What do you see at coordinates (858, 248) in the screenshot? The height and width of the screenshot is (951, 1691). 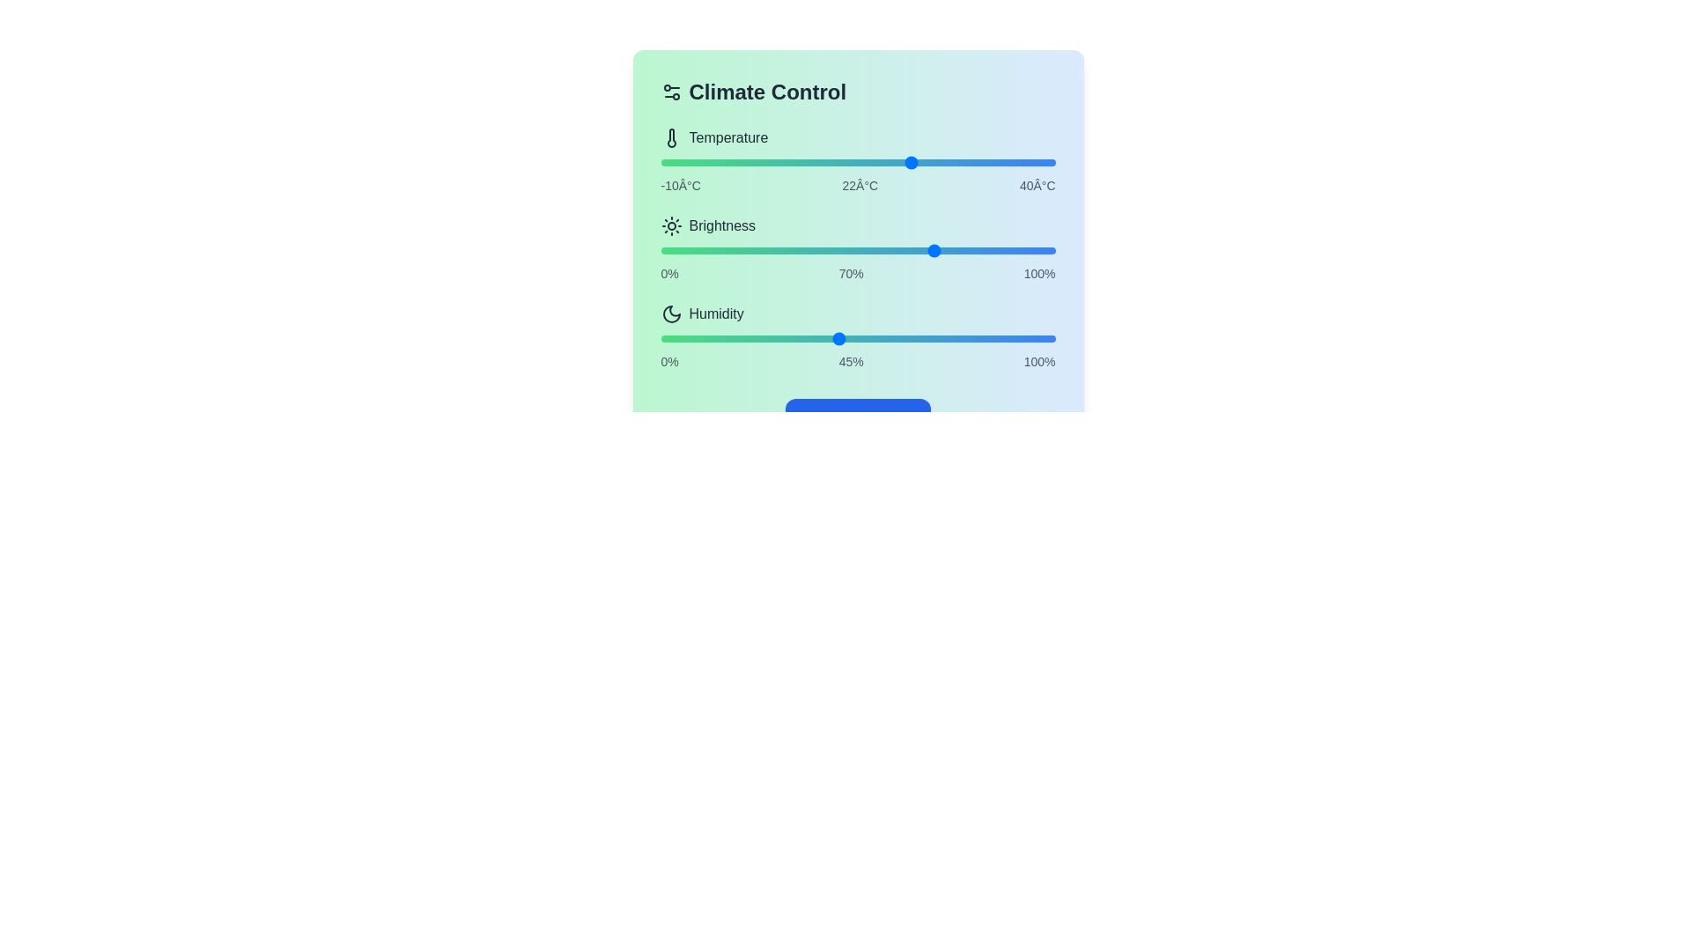 I see `the sliders in the Climate Control section` at bounding box center [858, 248].